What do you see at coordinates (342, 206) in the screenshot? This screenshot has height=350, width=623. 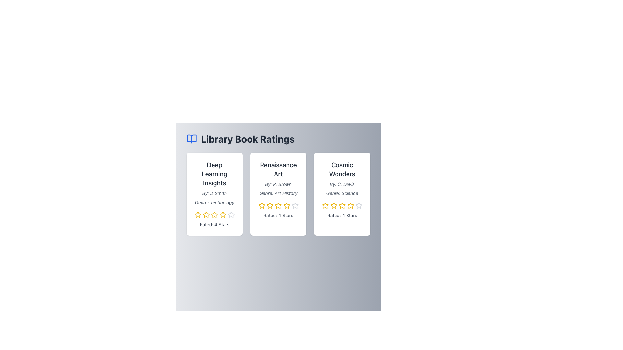 I see `the fourth star icon in the rating section of the 'Cosmic Wonders' card to adjust the rating` at bounding box center [342, 206].